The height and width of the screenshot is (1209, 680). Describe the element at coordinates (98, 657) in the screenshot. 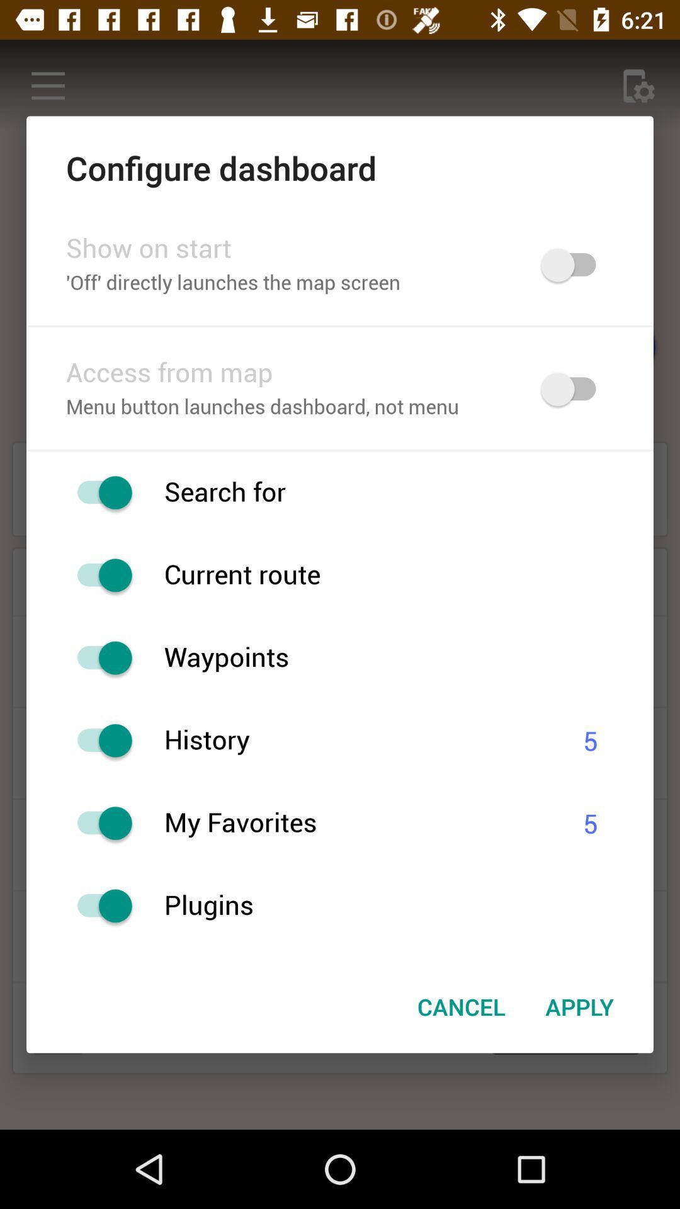

I see `this key is to disable and activate the waypoint` at that location.